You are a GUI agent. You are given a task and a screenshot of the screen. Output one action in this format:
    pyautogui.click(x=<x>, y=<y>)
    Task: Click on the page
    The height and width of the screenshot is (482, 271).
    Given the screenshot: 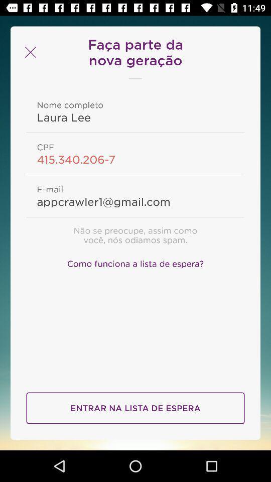 What is the action you would take?
    pyautogui.click(x=29, y=52)
    